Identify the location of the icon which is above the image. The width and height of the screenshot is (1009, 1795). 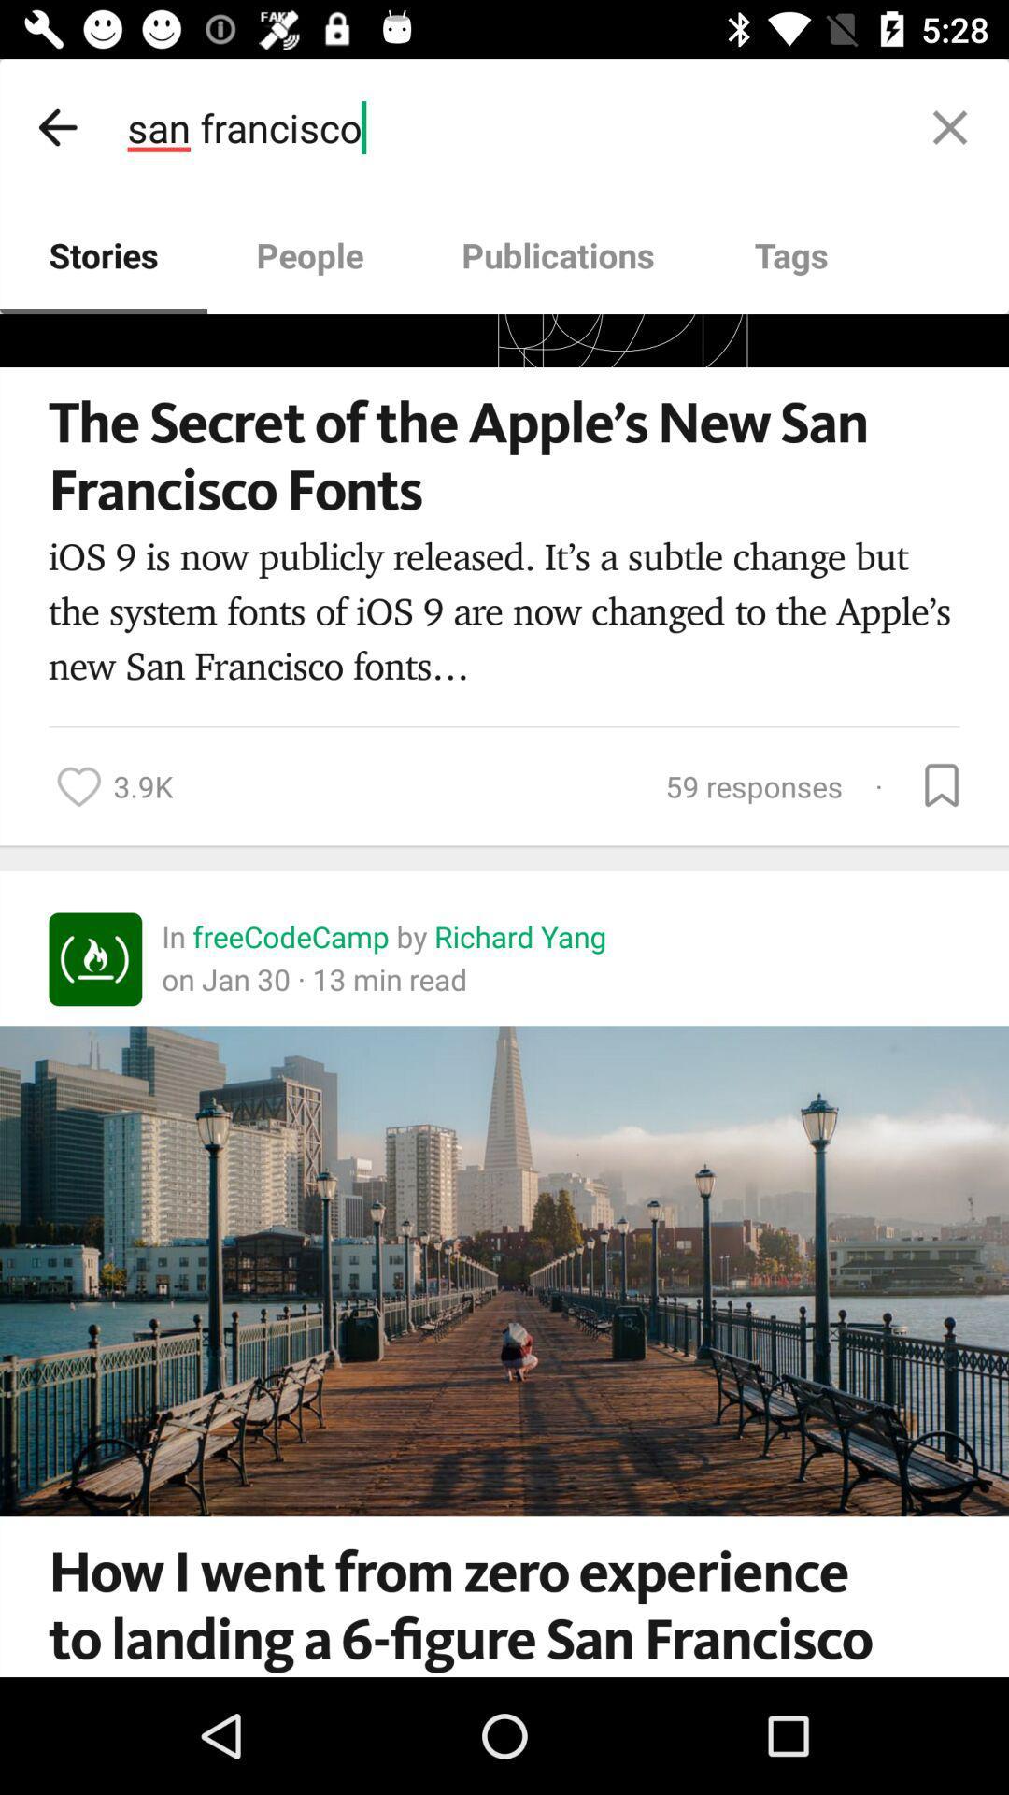
(95, 959).